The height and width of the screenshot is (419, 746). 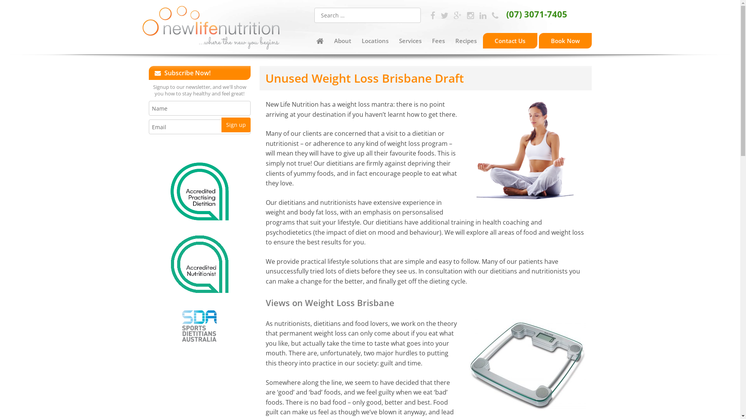 I want to click on 'Locations', so click(x=357, y=40).